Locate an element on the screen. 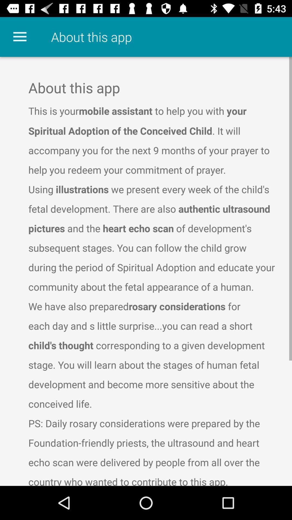 This screenshot has width=292, height=520. the item next to the about this app icon is located at coordinates (19, 37).